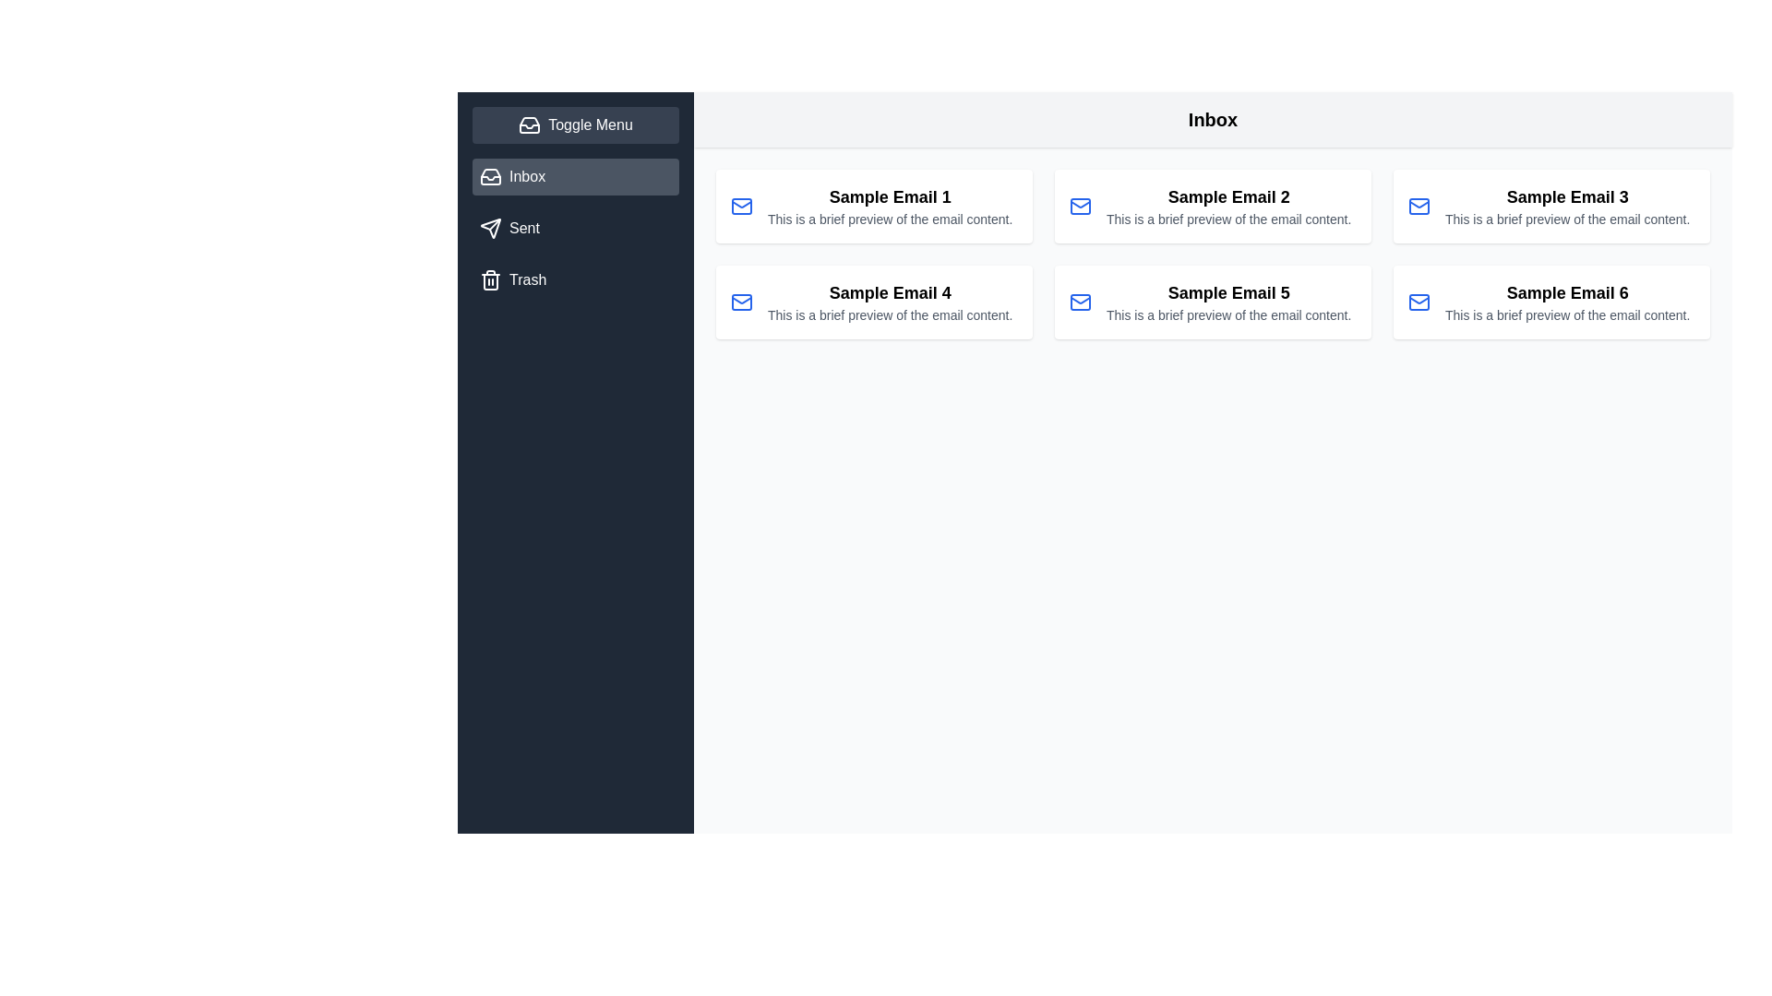 The image size is (1772, 996). What do you see at coordinates (890, 196) in the screenshot?
I see `the text label 'Sample Email 1'` at bounding box center [890, 196].